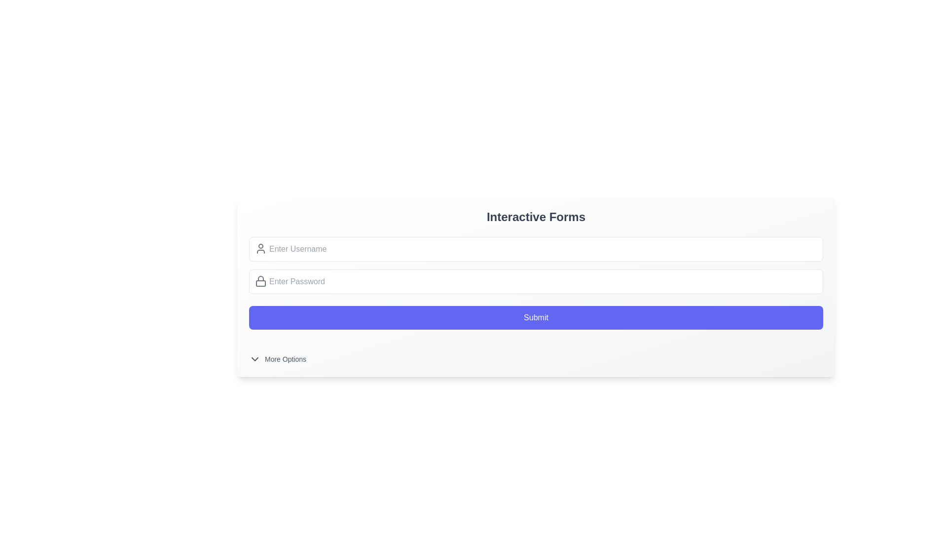  I want to click on the 'More Options' expandable menu trigger located beneath the 'Submit' button in the 'Interactive Forms' section, so click(535, 353).